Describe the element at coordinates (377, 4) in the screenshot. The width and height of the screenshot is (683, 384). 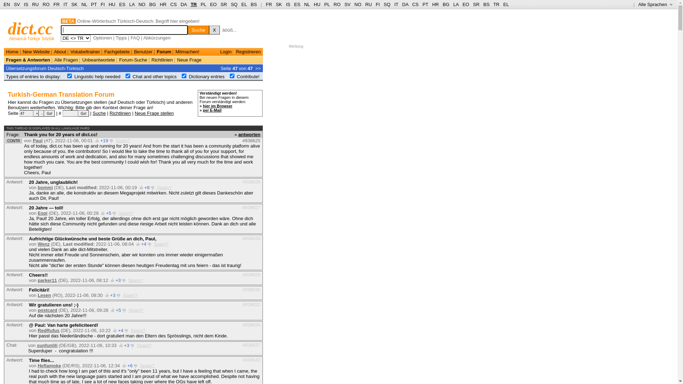
I see `'FI'` at that location.